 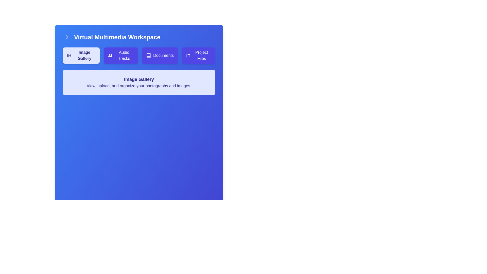 What do you see at coordinates (120, 56) in the screenshot?
I see `the button located between 'Image Gallery' and 'Documents'` at bounding box center [120, 56].